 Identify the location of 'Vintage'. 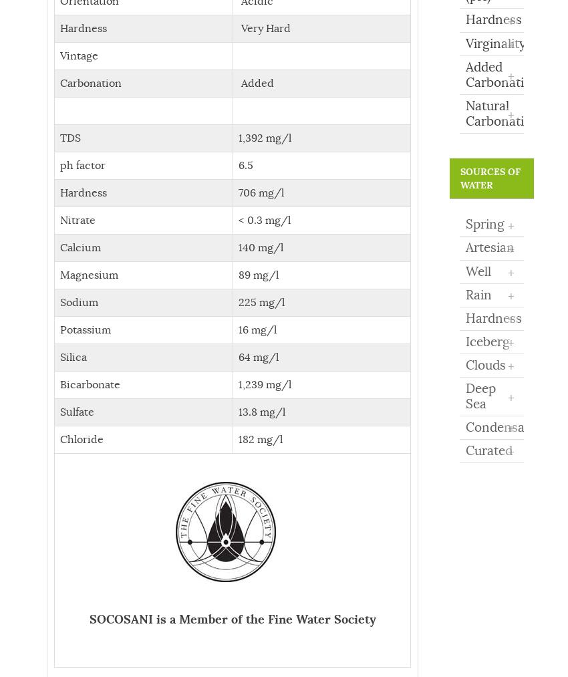
(78, 54).